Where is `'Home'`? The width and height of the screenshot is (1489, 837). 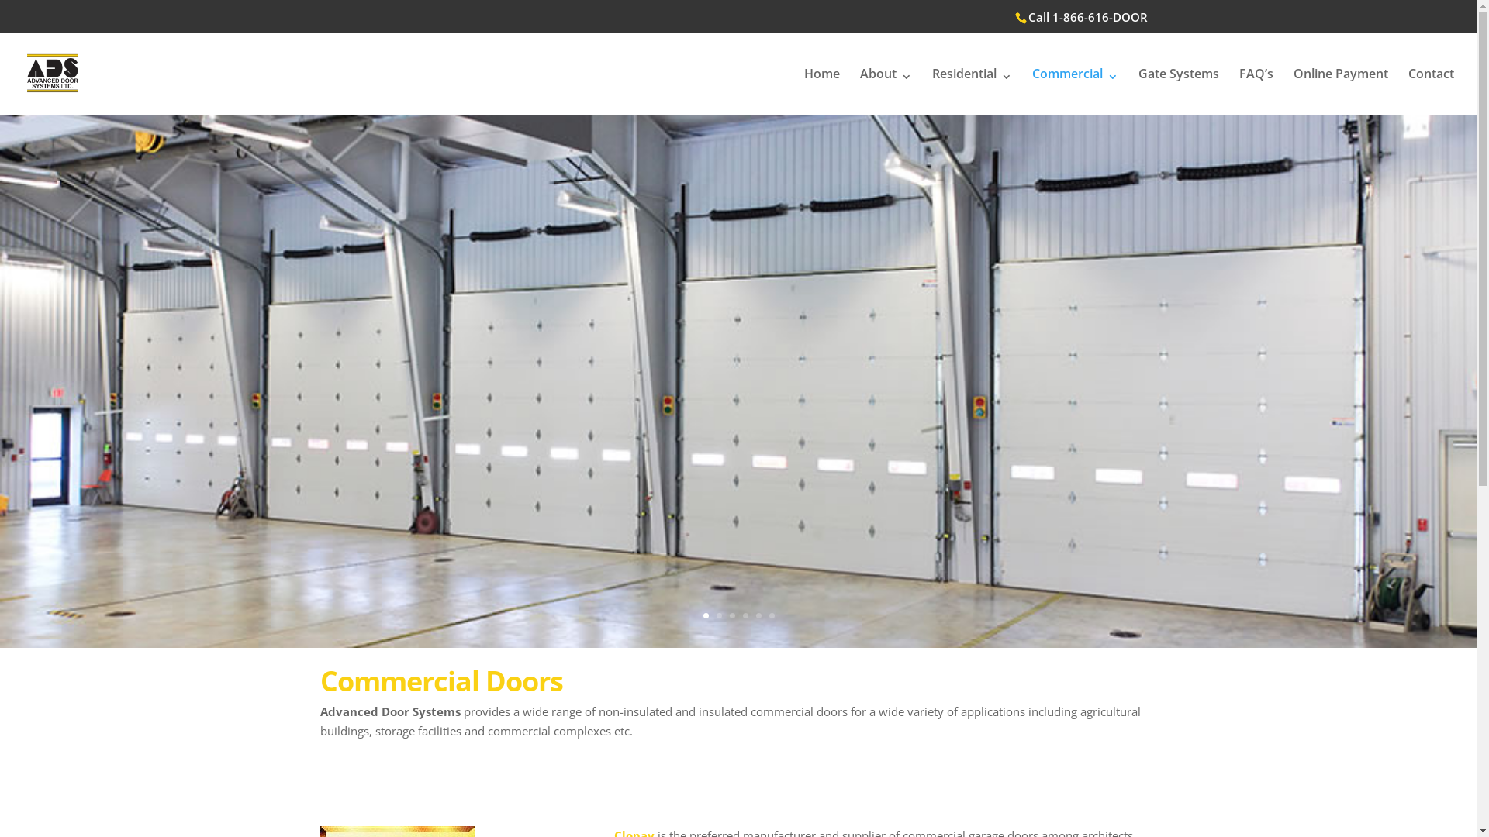 'Home' is located at coordinates (821, 91).